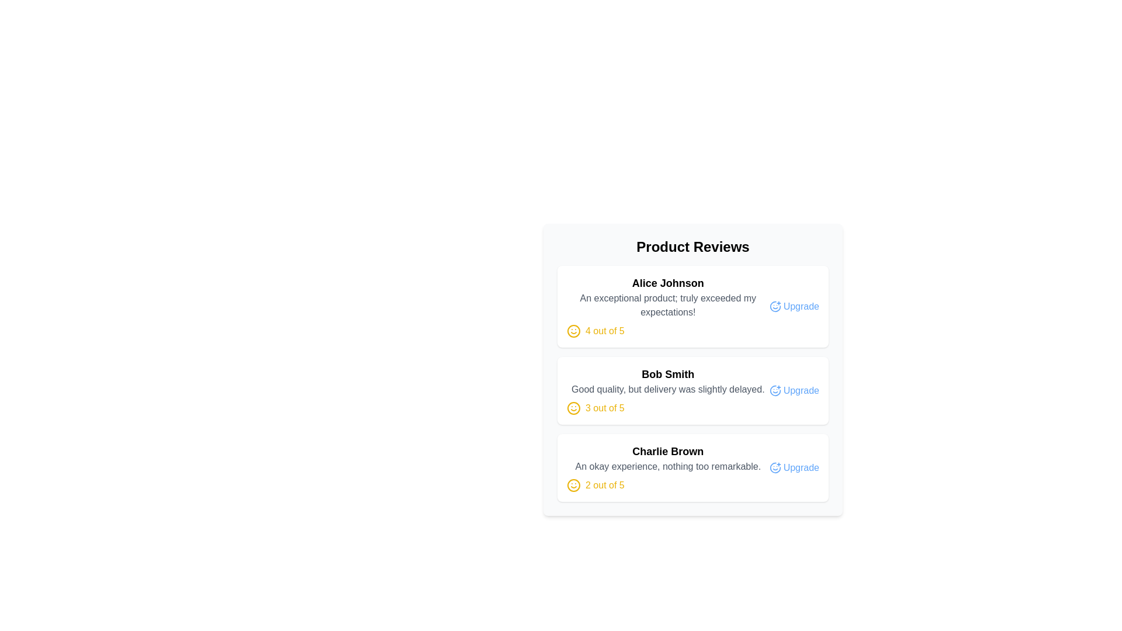  Describe the element at coordinates (668, 450) in the screenshot. I see `the reviewer name Charlie Brown to observe it` at that location.